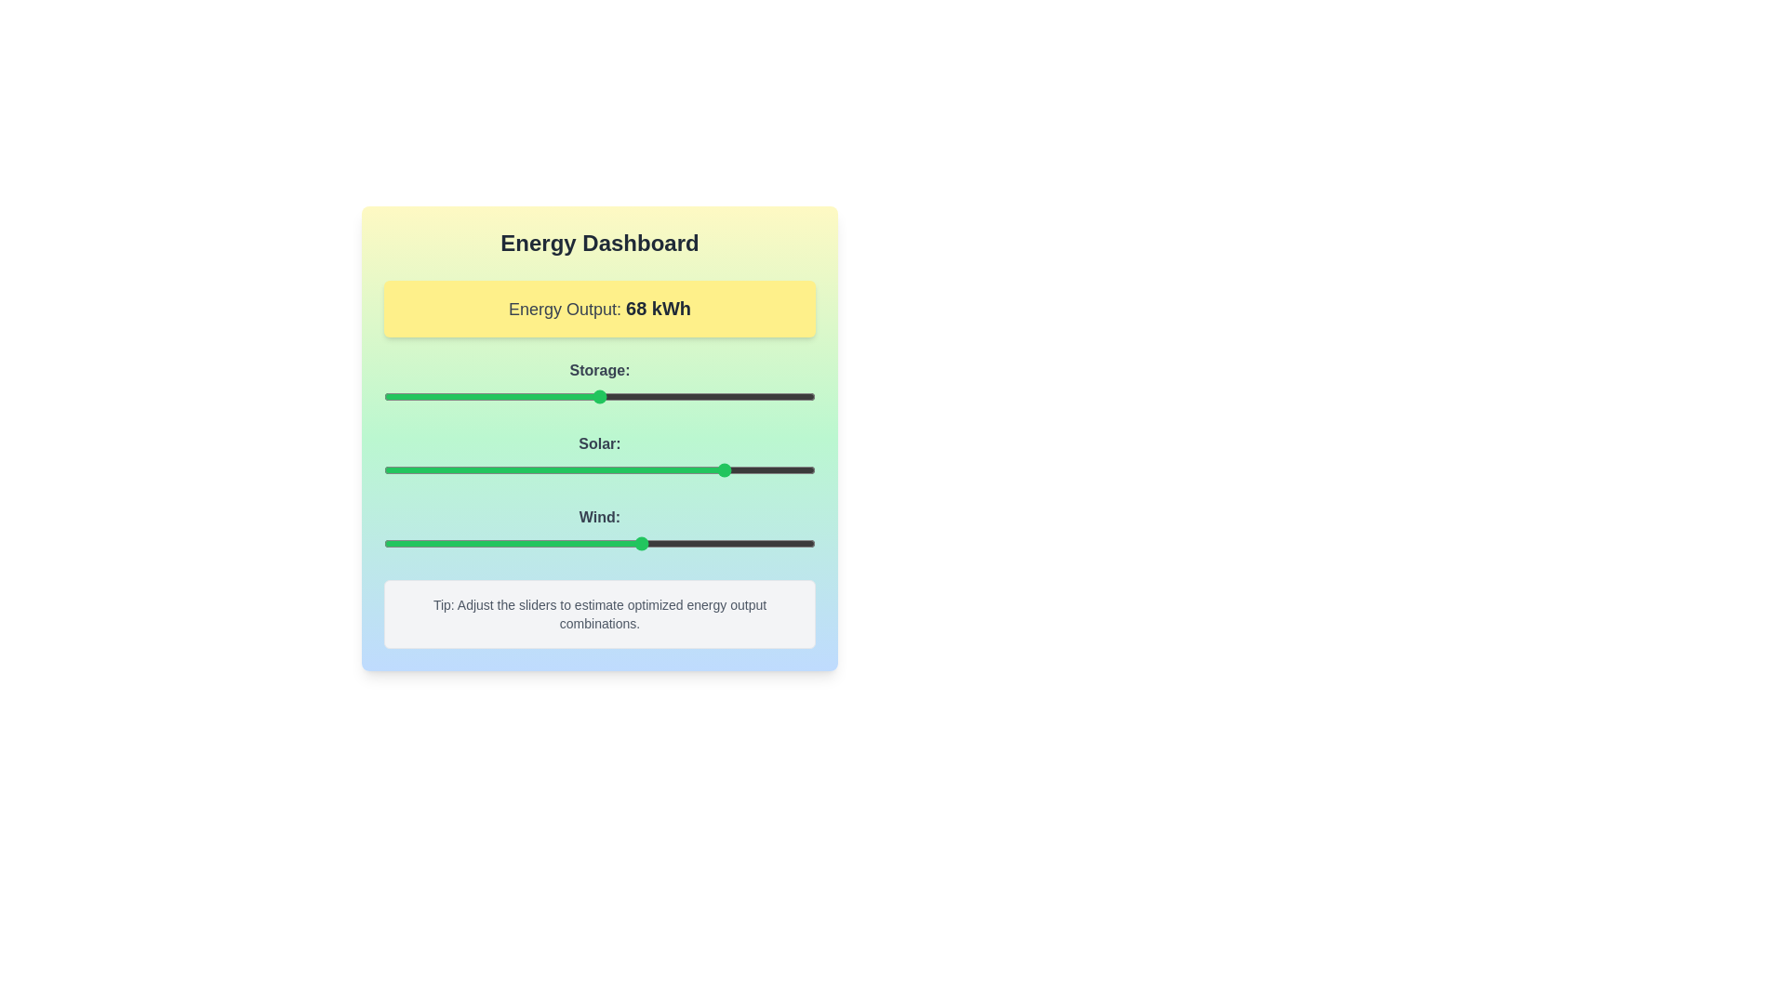 The height and width of the screenshot is (1004, 1786). I want to click on the 'Storage' slider to 91, so click(777, 396).